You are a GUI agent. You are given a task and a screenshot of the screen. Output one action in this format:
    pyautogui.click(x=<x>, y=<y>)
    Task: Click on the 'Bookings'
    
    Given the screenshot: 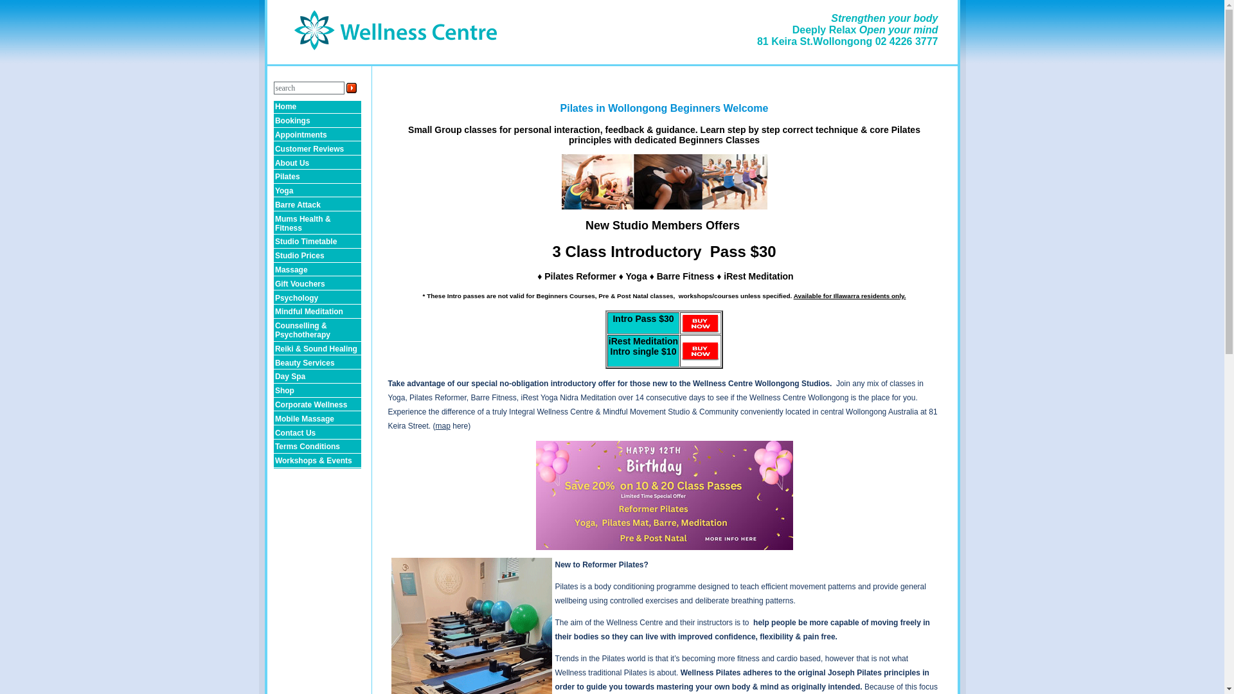 What is the action you would take?
    pyautogui.click(x=317, y=121)
    